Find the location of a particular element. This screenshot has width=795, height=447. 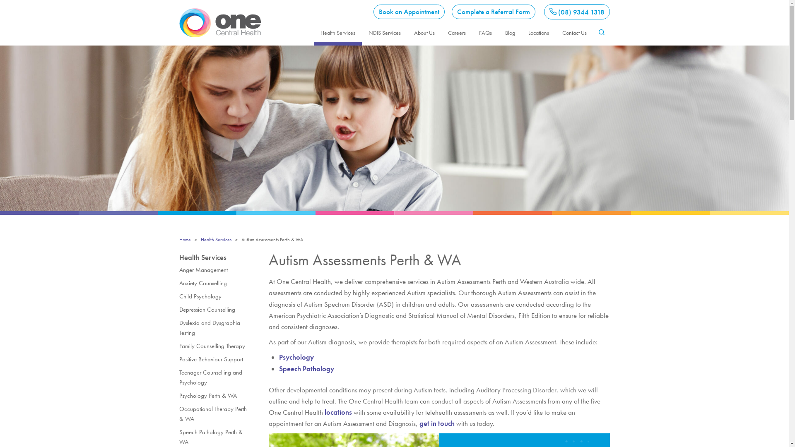

'Health Services' is located at coordinates (338, 32).